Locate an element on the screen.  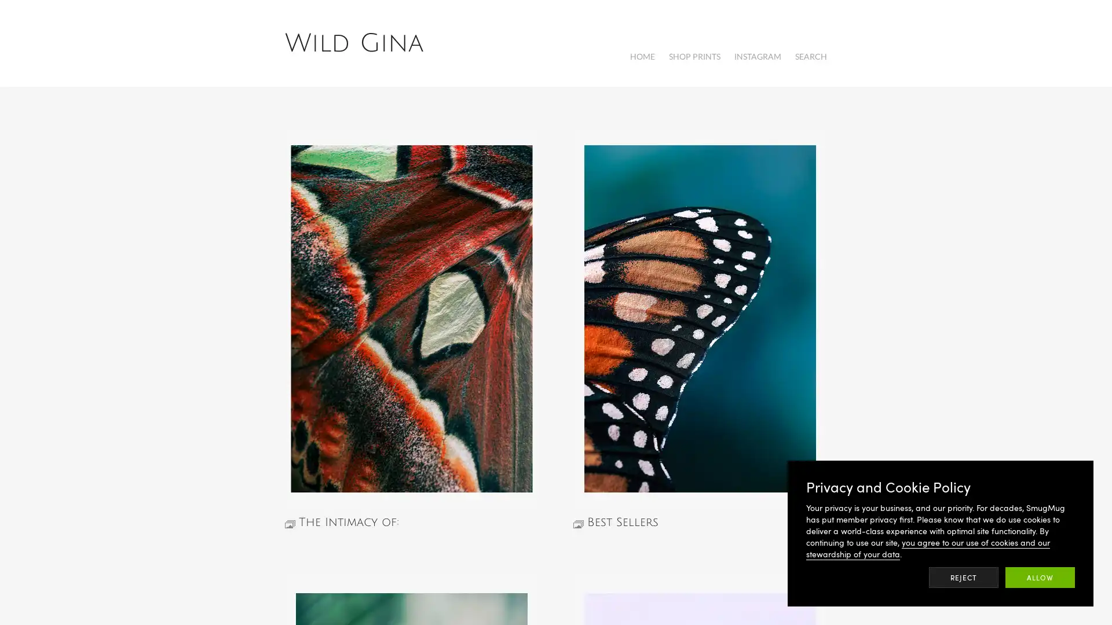
ALLOW is located at coordinates (1040, 578).